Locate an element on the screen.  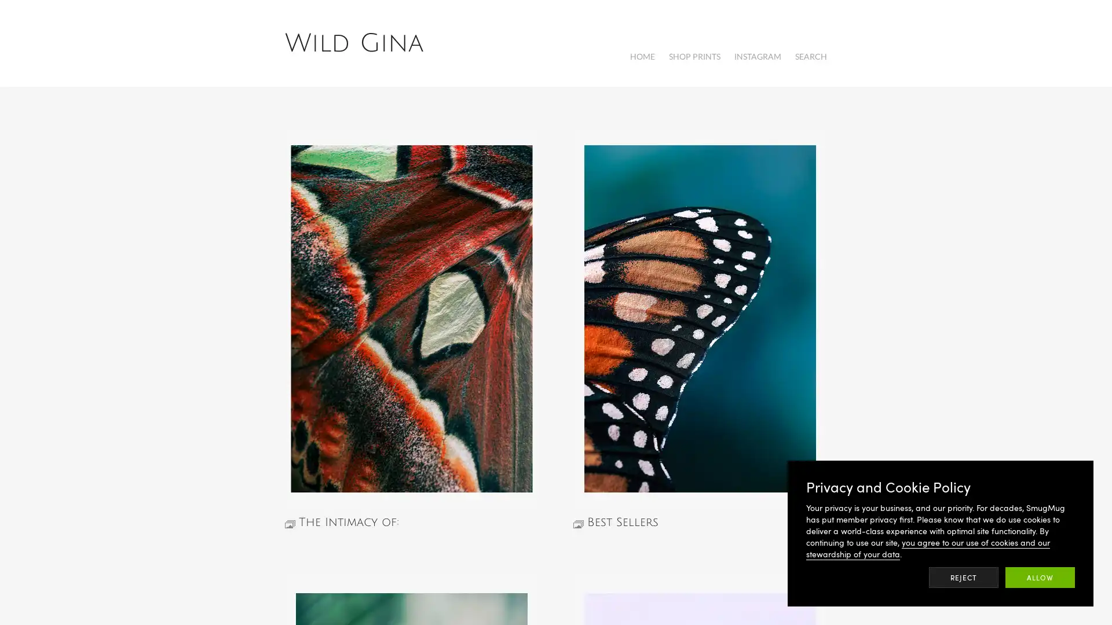
ALLOW is located at coordinates (1040, 578).